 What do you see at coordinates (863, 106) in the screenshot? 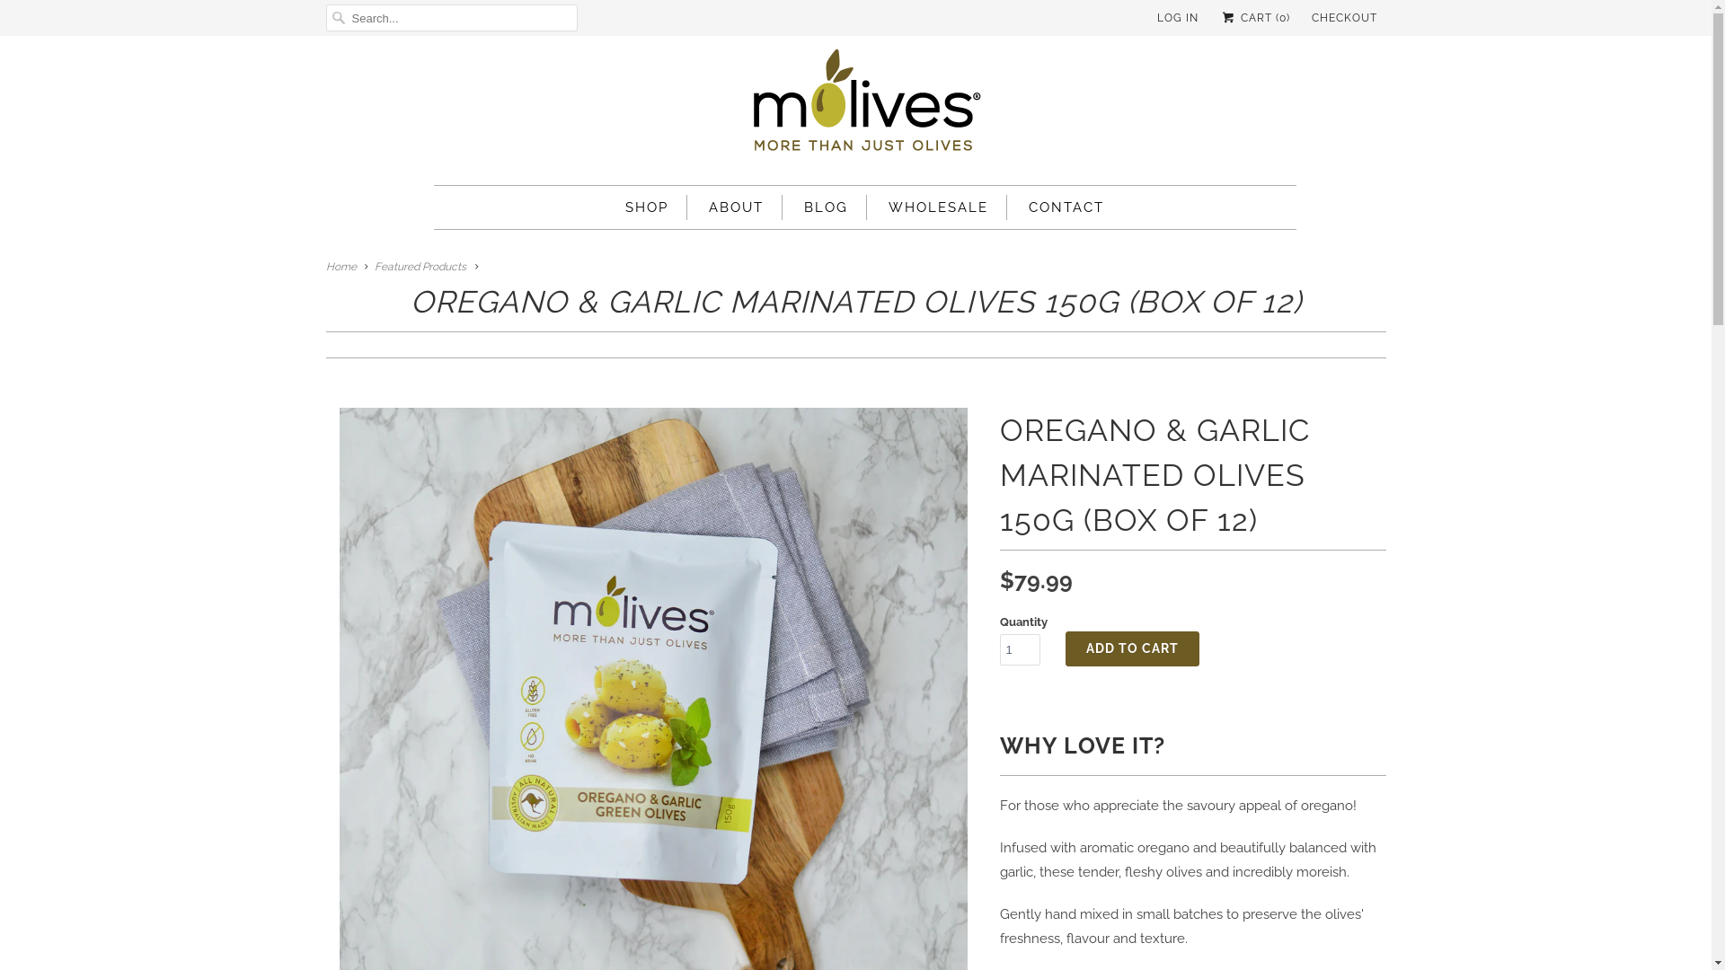
I see `'Molives'` at bounding box center [863, 106].